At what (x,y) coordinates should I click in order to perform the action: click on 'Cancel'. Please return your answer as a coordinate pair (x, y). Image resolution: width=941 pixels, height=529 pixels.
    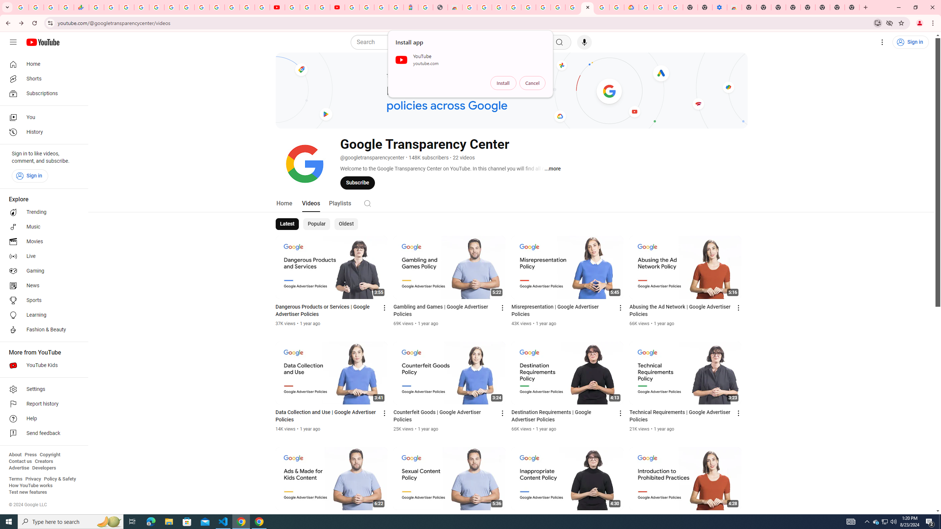
    Looking at the image, I should click on (532, 83).